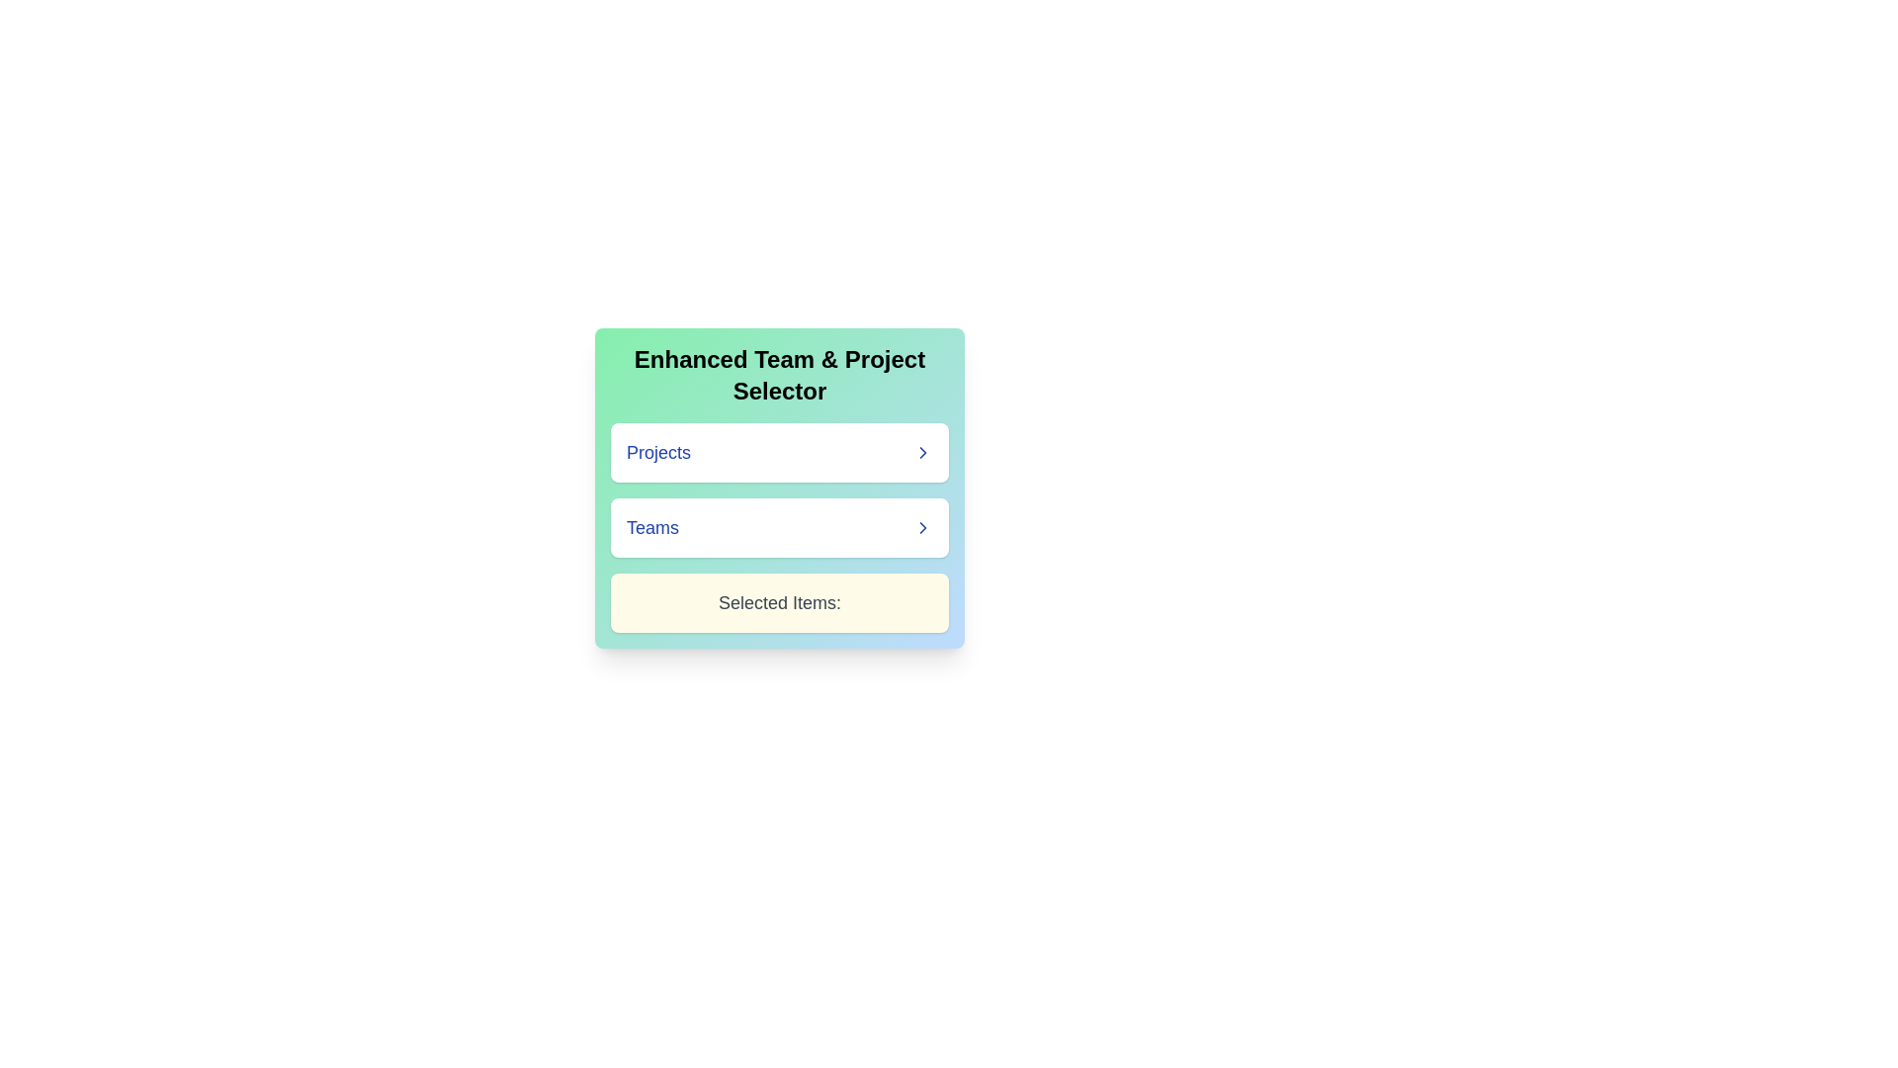 The height and width of the screenshot is (1068, 1898). Describe the element at coordinates (922, 526) in the screenshot. I see `the chevron icon located to the right of the 'Teams' label` at that location.